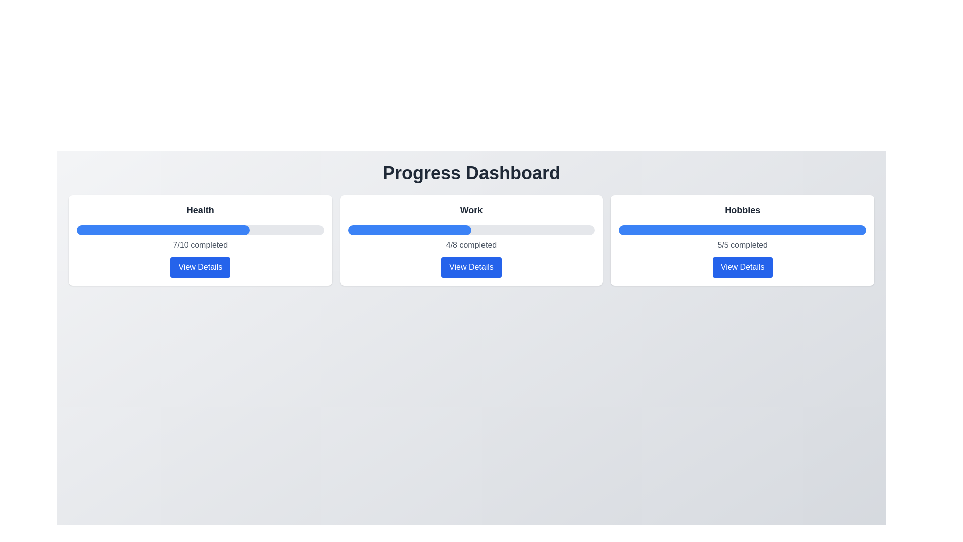  I want to click on the 'View Details' button located at the bottom of the rightmost 'Hobbies' card to initiate navigation or action, so click(742, 266).